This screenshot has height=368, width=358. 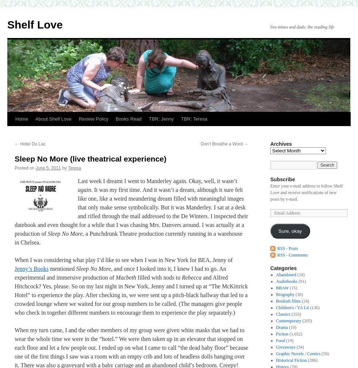 I want to click on 'Subscribe', so click(x=282, y=179).